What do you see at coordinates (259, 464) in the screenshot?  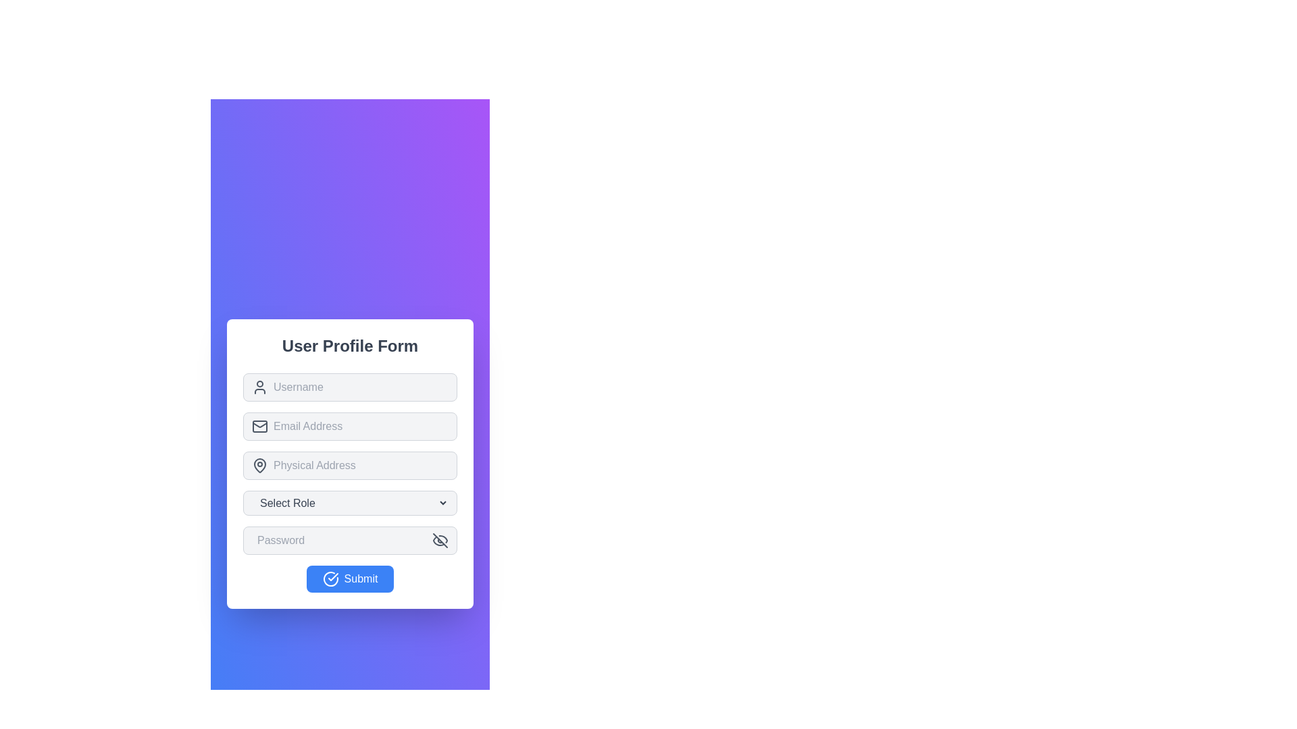 I see `the map pin icon located to the left of the 'Physical Address' input field in the 'User Profile Form'` at bounding box center [259, 464].